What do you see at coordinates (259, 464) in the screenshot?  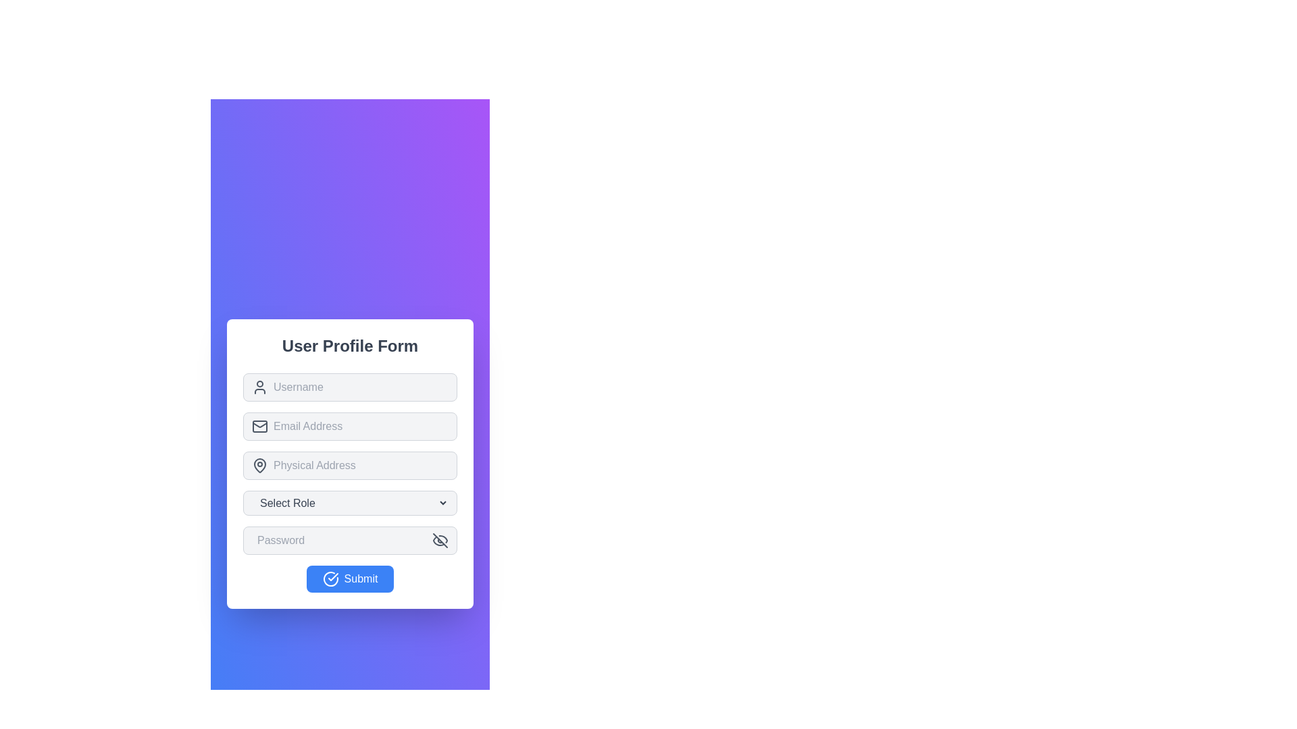 I see `the map pin icon located to the left of the 'Physical Address' input field in the 'User Profile Form'` at bounding box center [259, 464].